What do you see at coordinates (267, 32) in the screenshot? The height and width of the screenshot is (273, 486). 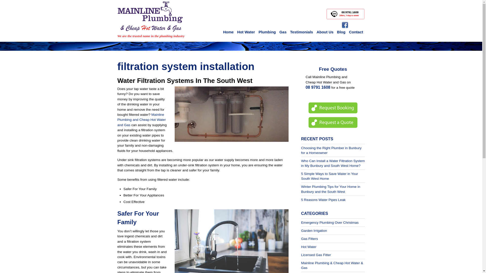 I see `'Plumbing'` at bounding box center [267, 32].